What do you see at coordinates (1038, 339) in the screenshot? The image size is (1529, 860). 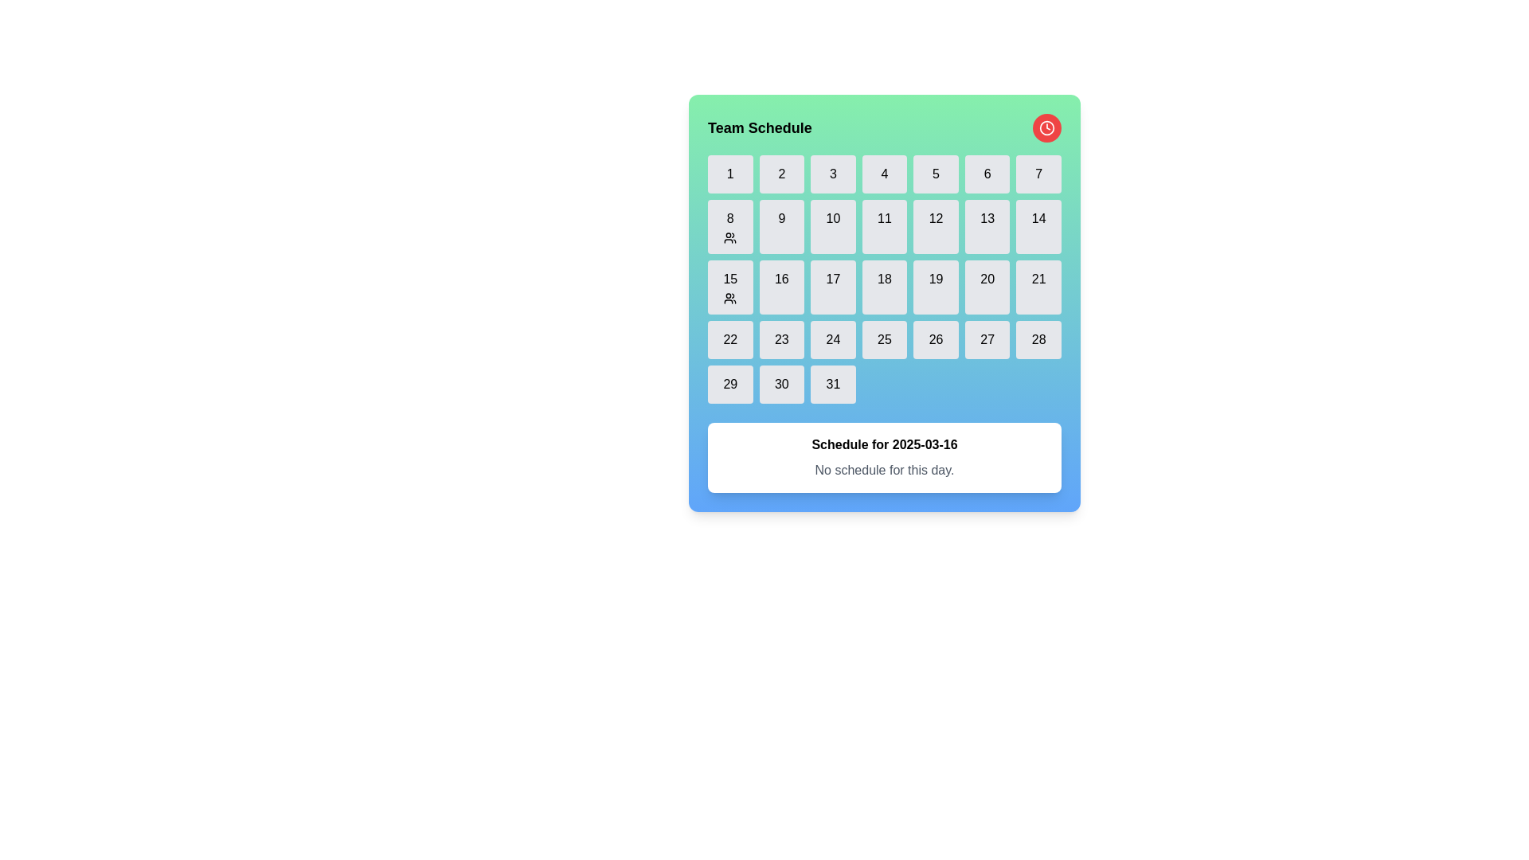 I see `the non-interactive label representing day 28 in the calendar view, located as the eighth item in the fourth row of the grid structure` at bounding box center [1038, 339].